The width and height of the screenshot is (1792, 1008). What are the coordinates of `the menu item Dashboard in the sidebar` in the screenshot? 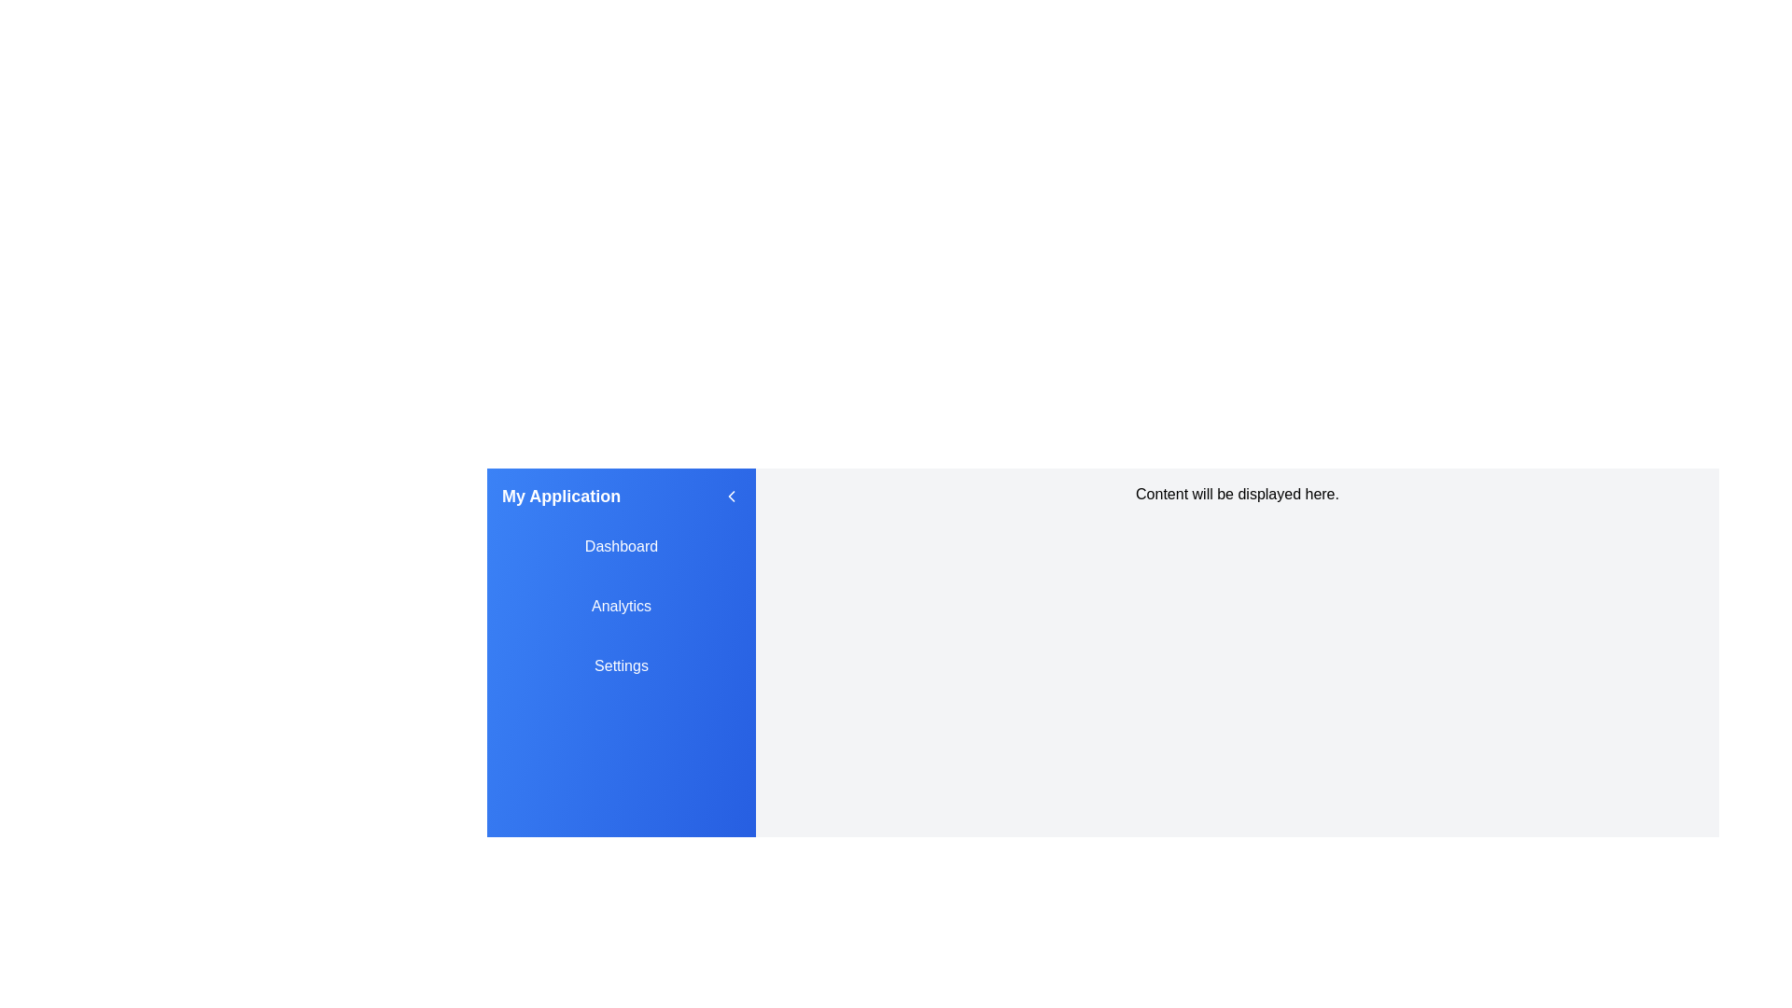 It's located at (622, 546).